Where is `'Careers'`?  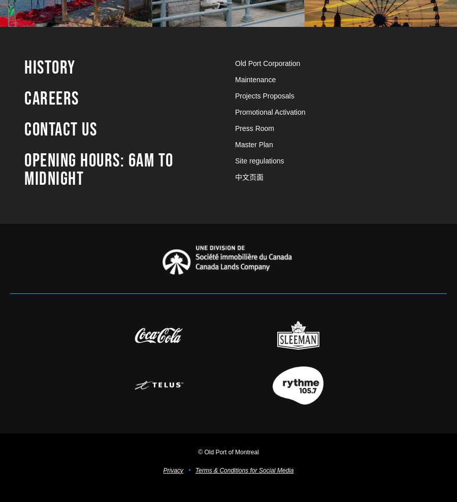
'Careers' is located at coordinates (51, 98).